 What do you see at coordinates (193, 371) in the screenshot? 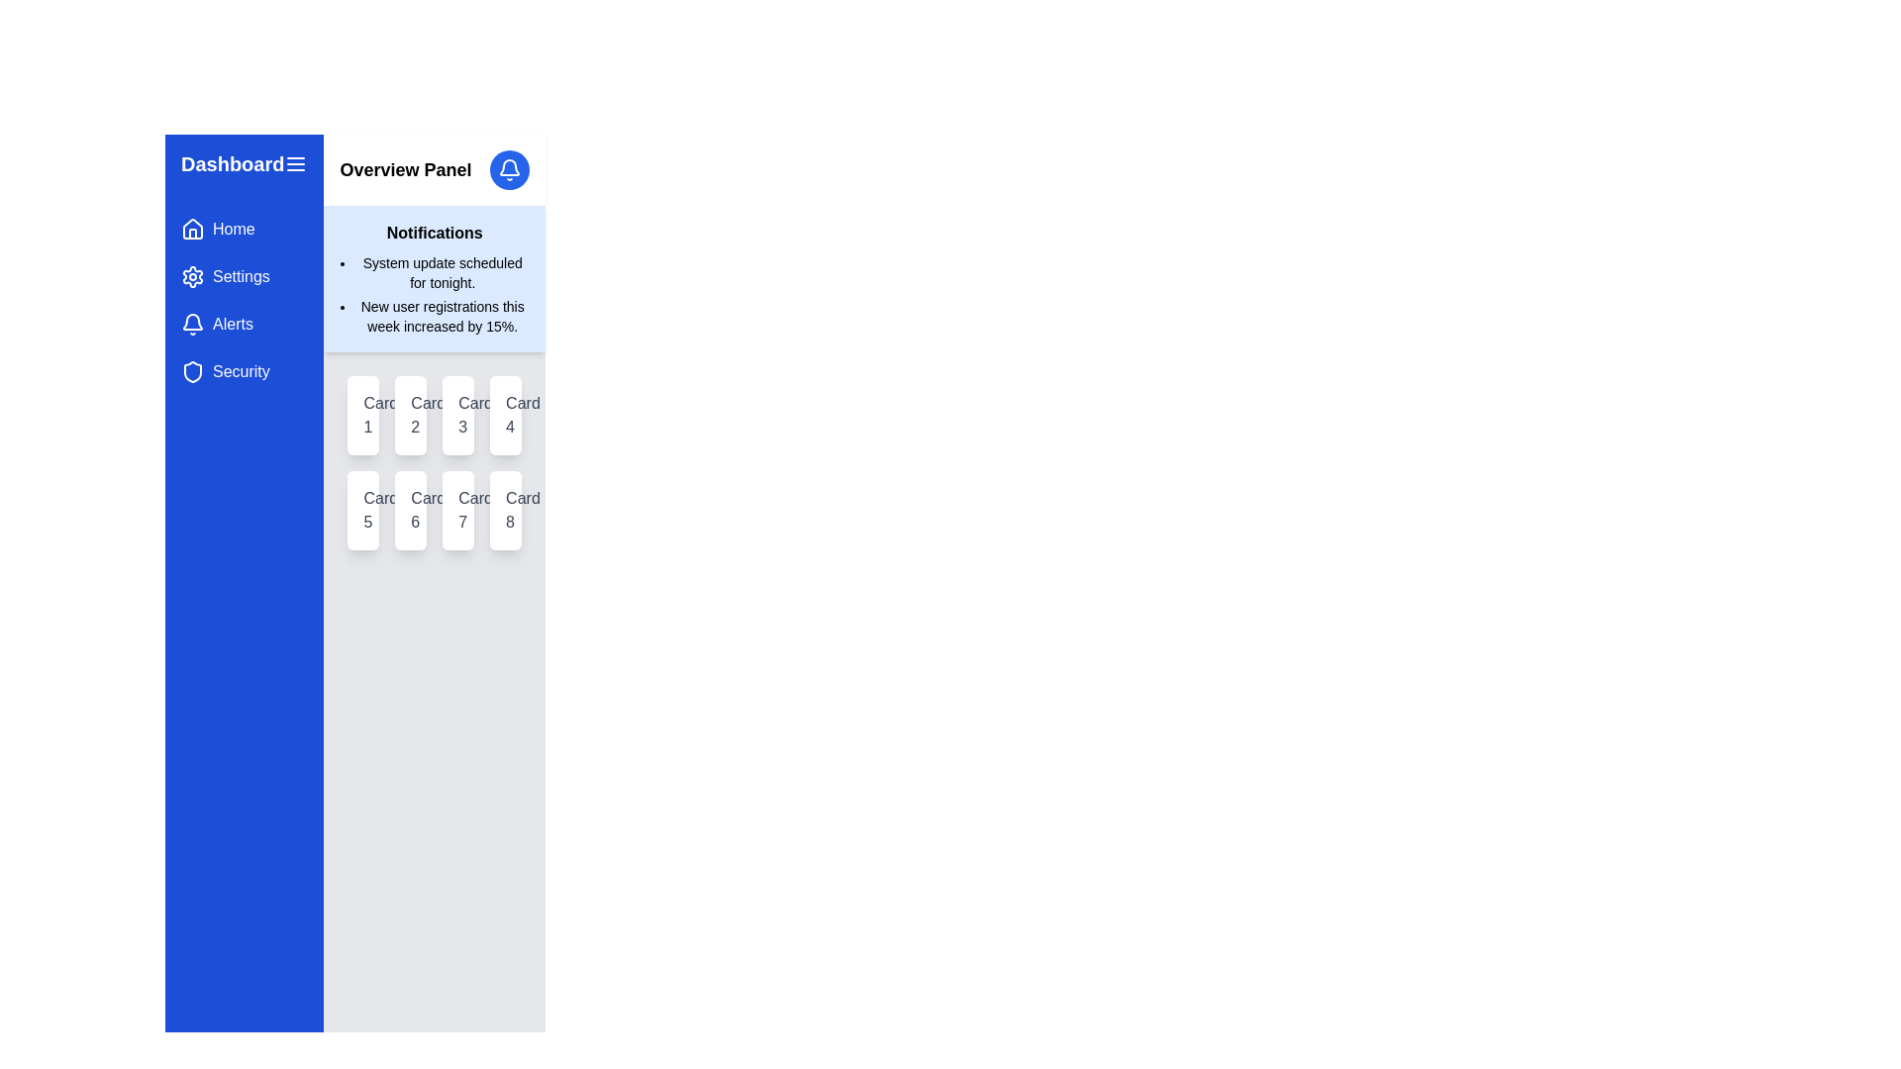
I see `the shield icon located in the 'Security' section of the vertical navigation bar, positioned to the left of the 'Security' text label` at bounding box center [193, 371].